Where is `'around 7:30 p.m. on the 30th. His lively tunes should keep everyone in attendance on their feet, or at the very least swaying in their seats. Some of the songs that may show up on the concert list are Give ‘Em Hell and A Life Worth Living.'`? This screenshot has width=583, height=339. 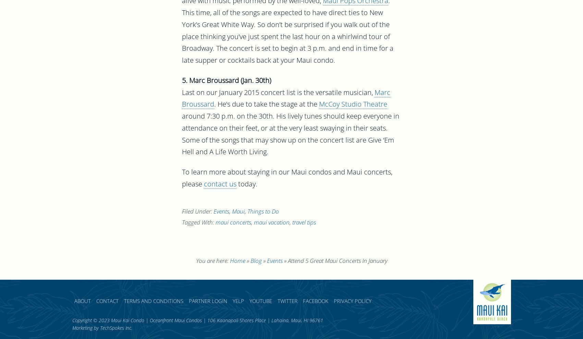 'around 7:30 p.m. on the 30th. His lively tunes should keep everyone in attendance on their feet, or at the very least swaying in their seats. Some of the songs that may show up on the concert list are Give ‘Em Hell and A Life Worth Living.' is located at coordinates (182, 135).